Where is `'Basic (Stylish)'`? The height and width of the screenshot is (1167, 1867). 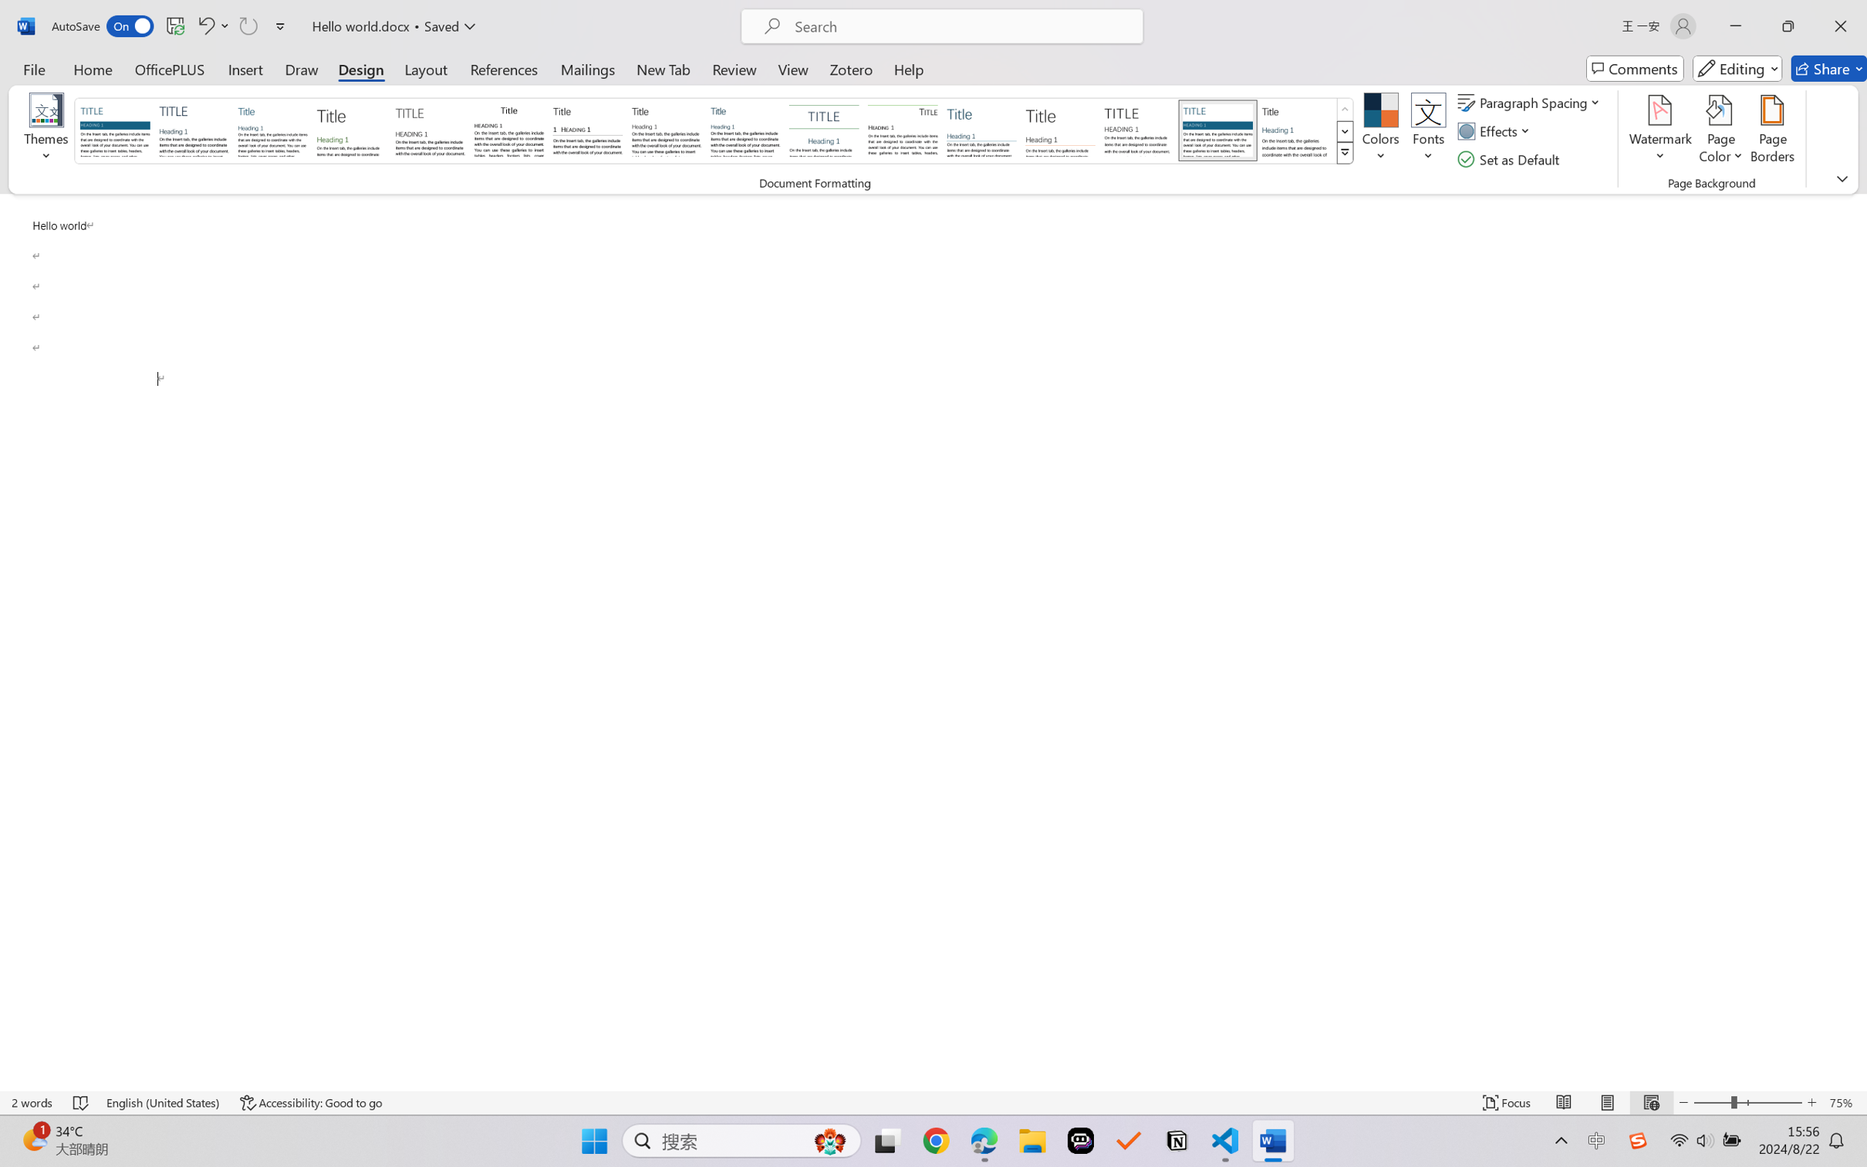
'Basic (Stylish)' is located at coordinates (350, 130).